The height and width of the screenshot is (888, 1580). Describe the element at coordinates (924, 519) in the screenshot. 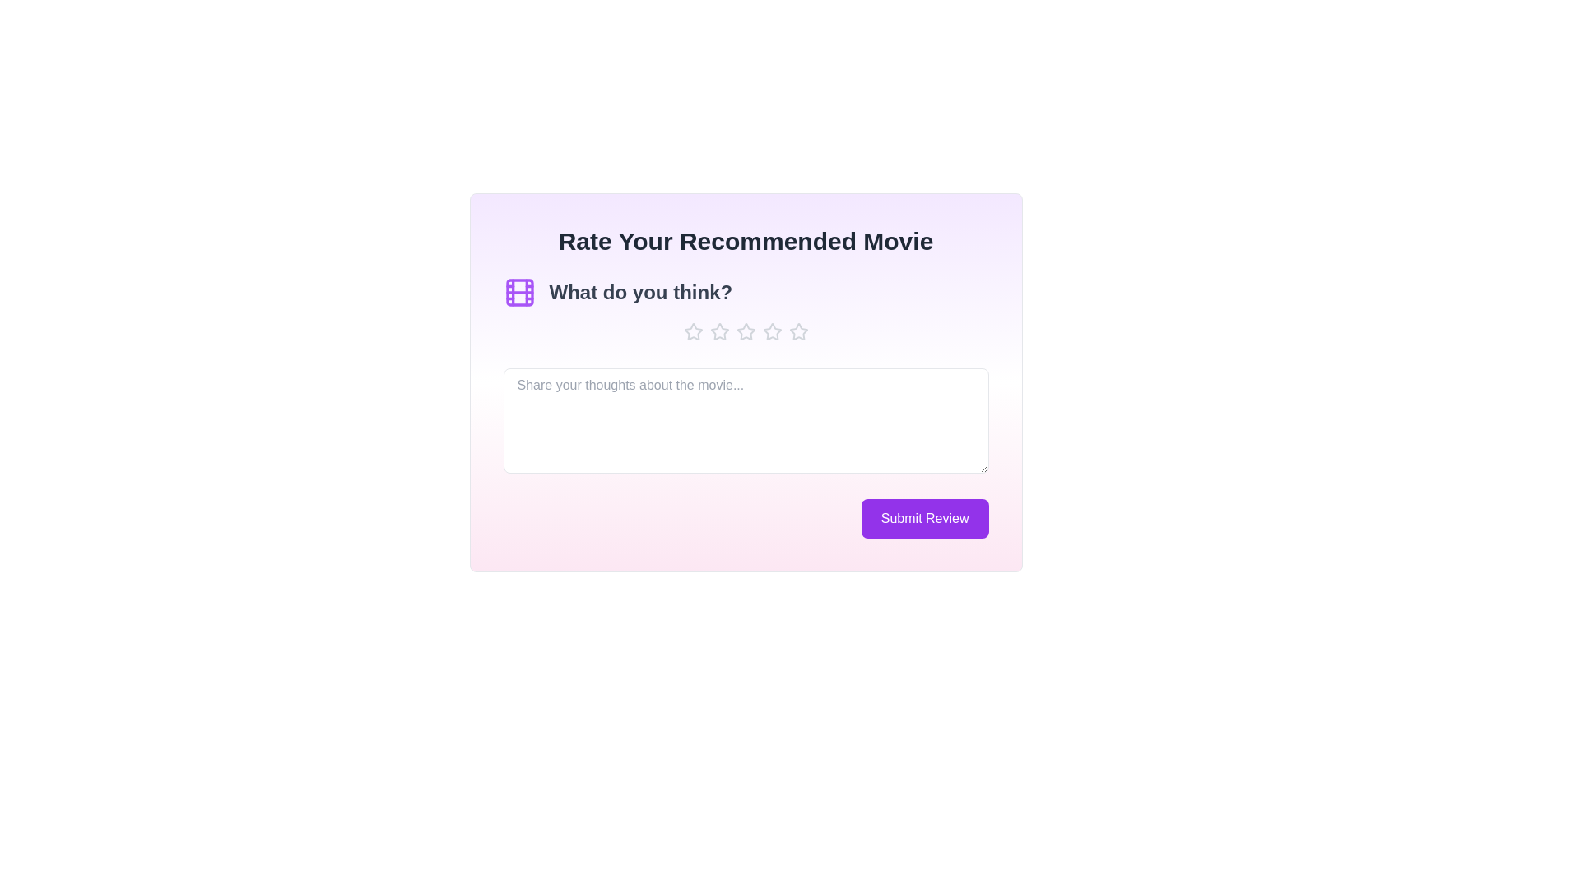

I see `the 'Submit Review' button` at that location.